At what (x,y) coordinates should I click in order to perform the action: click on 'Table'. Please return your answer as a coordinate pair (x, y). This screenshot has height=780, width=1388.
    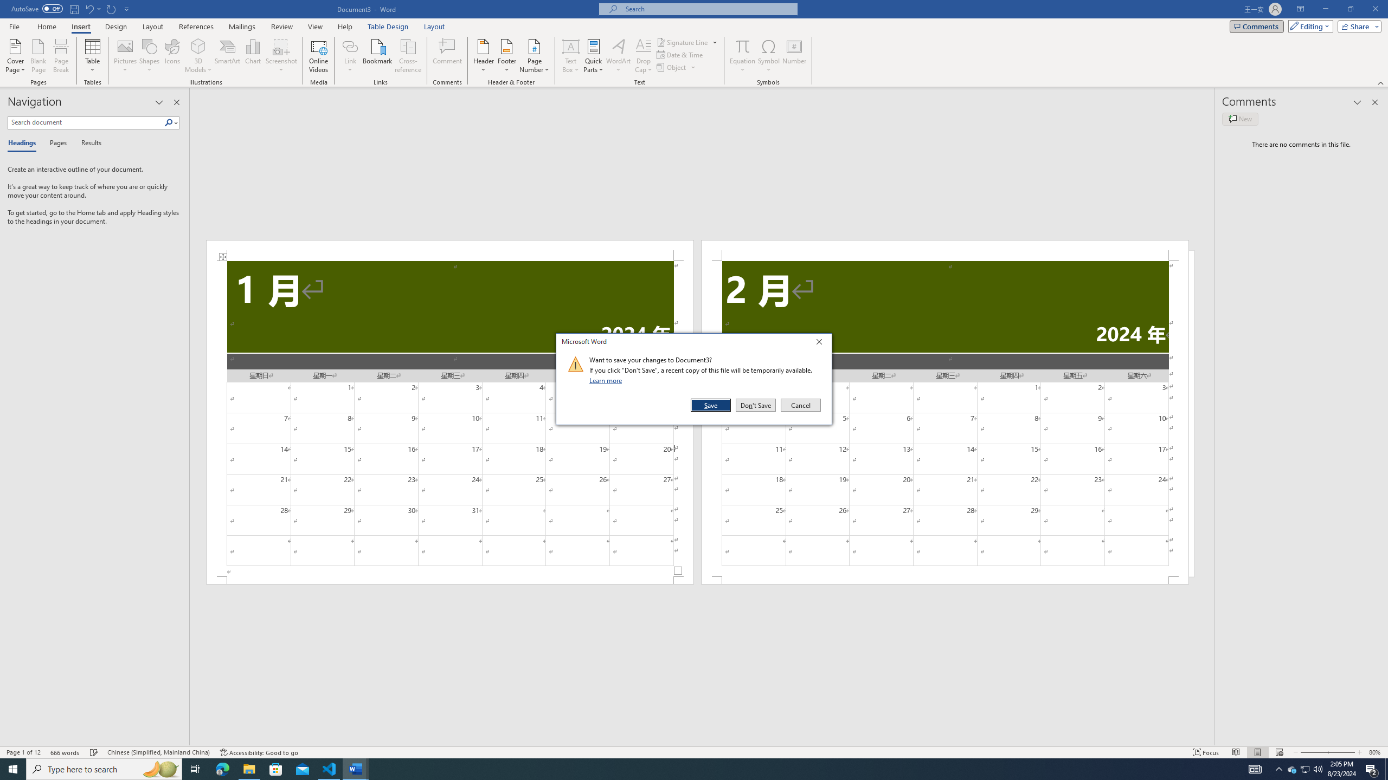
    Looking at the image, I should click on (93, 56).